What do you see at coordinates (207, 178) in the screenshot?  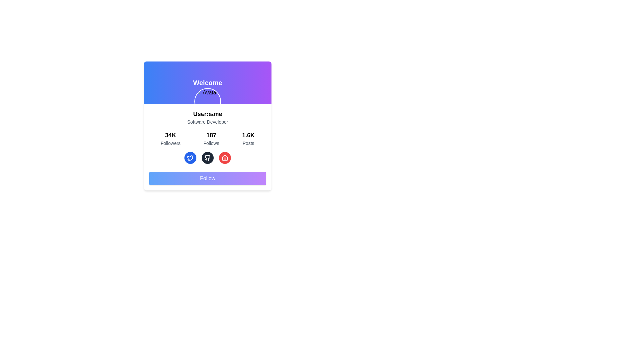 I see `the follow button located at the bottom of the user information card to observe any hover effects` at bounding box center [207, 178].